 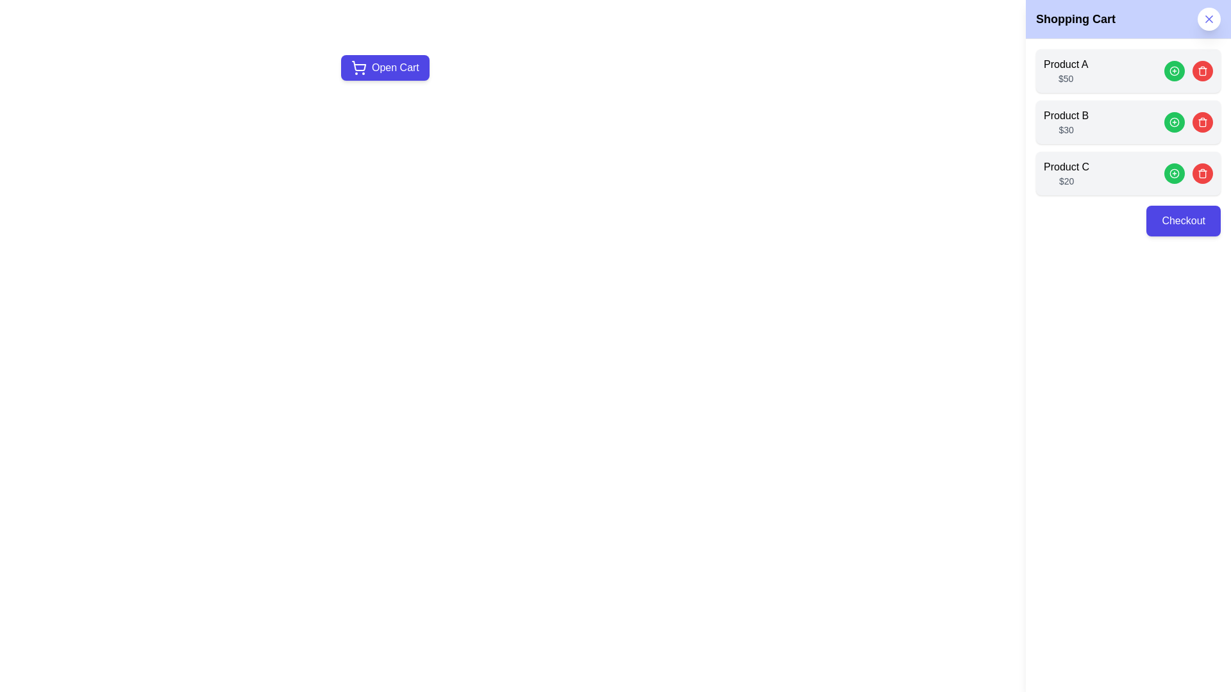 What do you see at coordinates (1183, 220) in the screenshot?
I see `the 'Checkout' button to proceed to checkout` at bounding box center [1183, 220].